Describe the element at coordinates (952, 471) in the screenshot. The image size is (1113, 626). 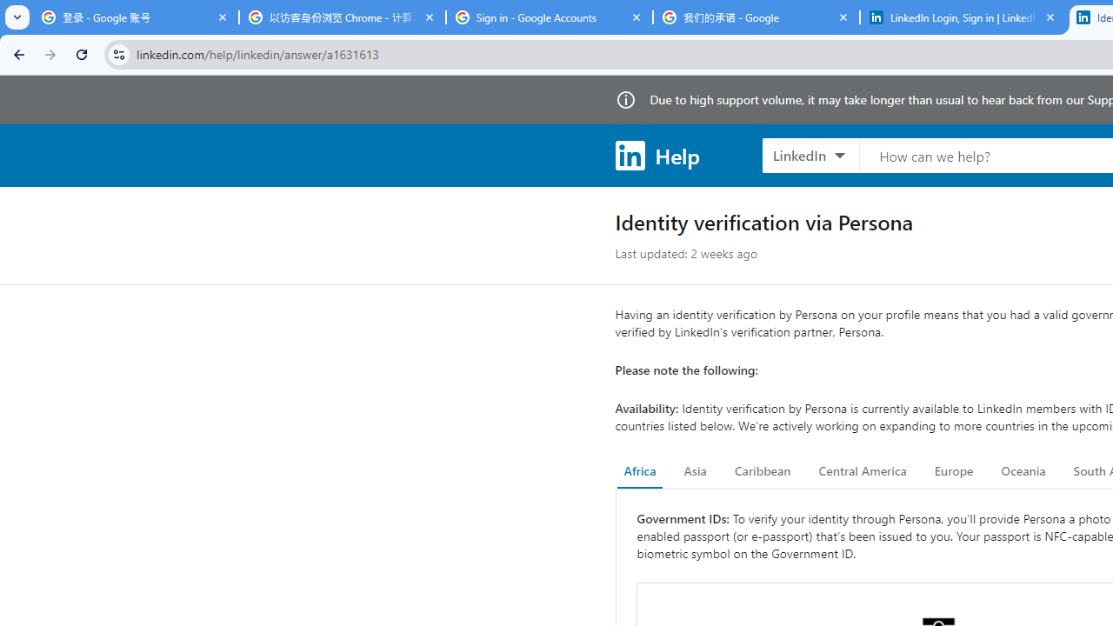
I see `'Europe'` at that location.